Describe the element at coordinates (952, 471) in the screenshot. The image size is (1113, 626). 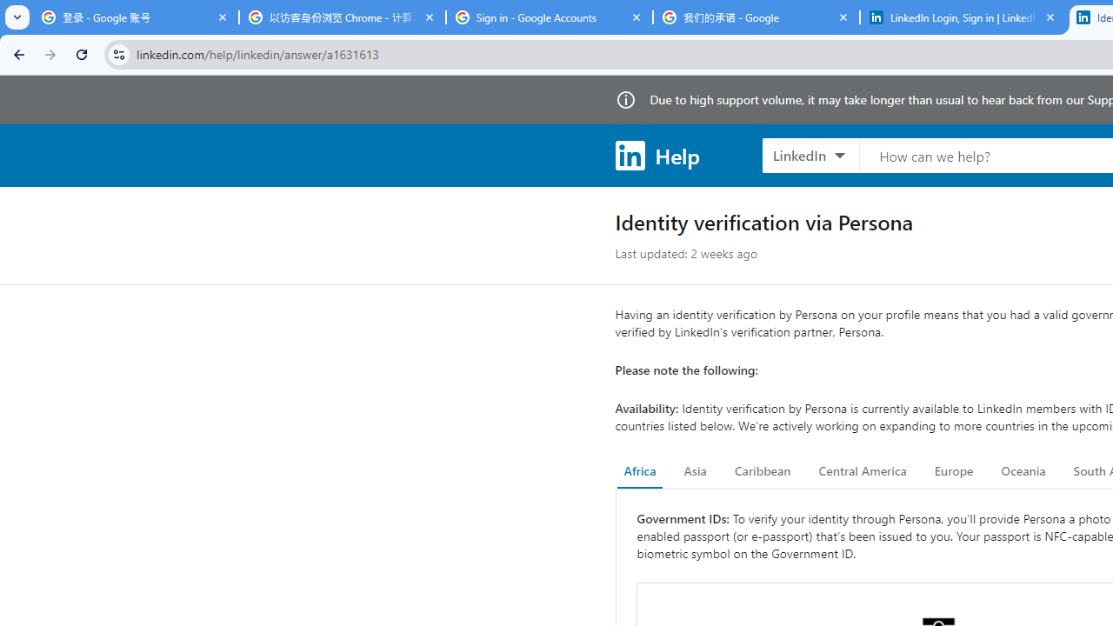
I see `'Europe'` at that location.